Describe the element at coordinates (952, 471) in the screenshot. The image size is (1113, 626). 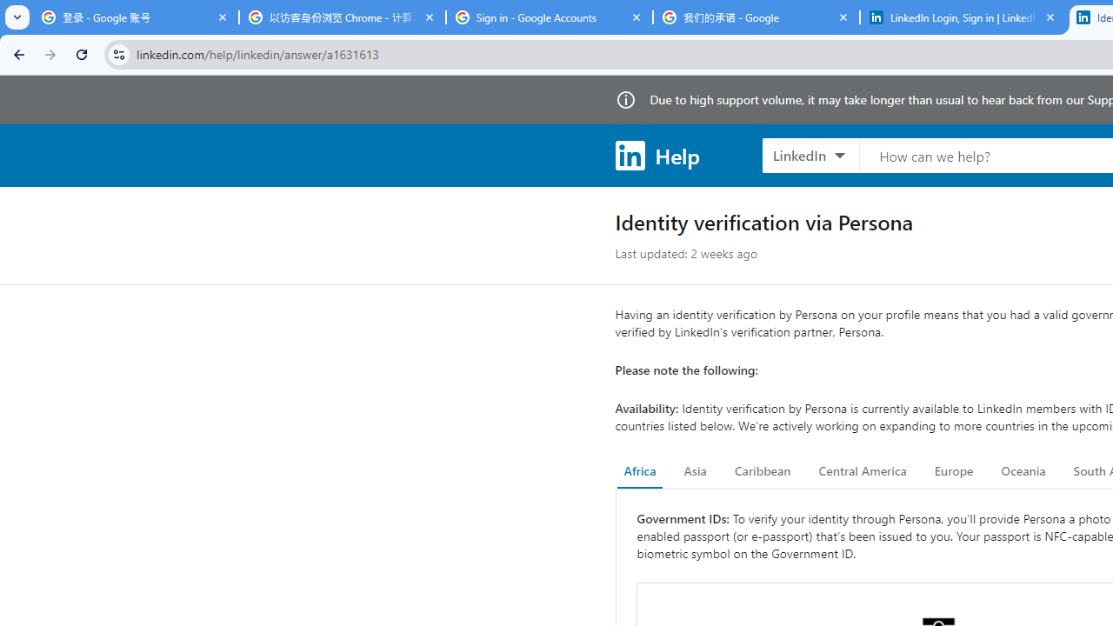
I see `'Europe'` at that location.